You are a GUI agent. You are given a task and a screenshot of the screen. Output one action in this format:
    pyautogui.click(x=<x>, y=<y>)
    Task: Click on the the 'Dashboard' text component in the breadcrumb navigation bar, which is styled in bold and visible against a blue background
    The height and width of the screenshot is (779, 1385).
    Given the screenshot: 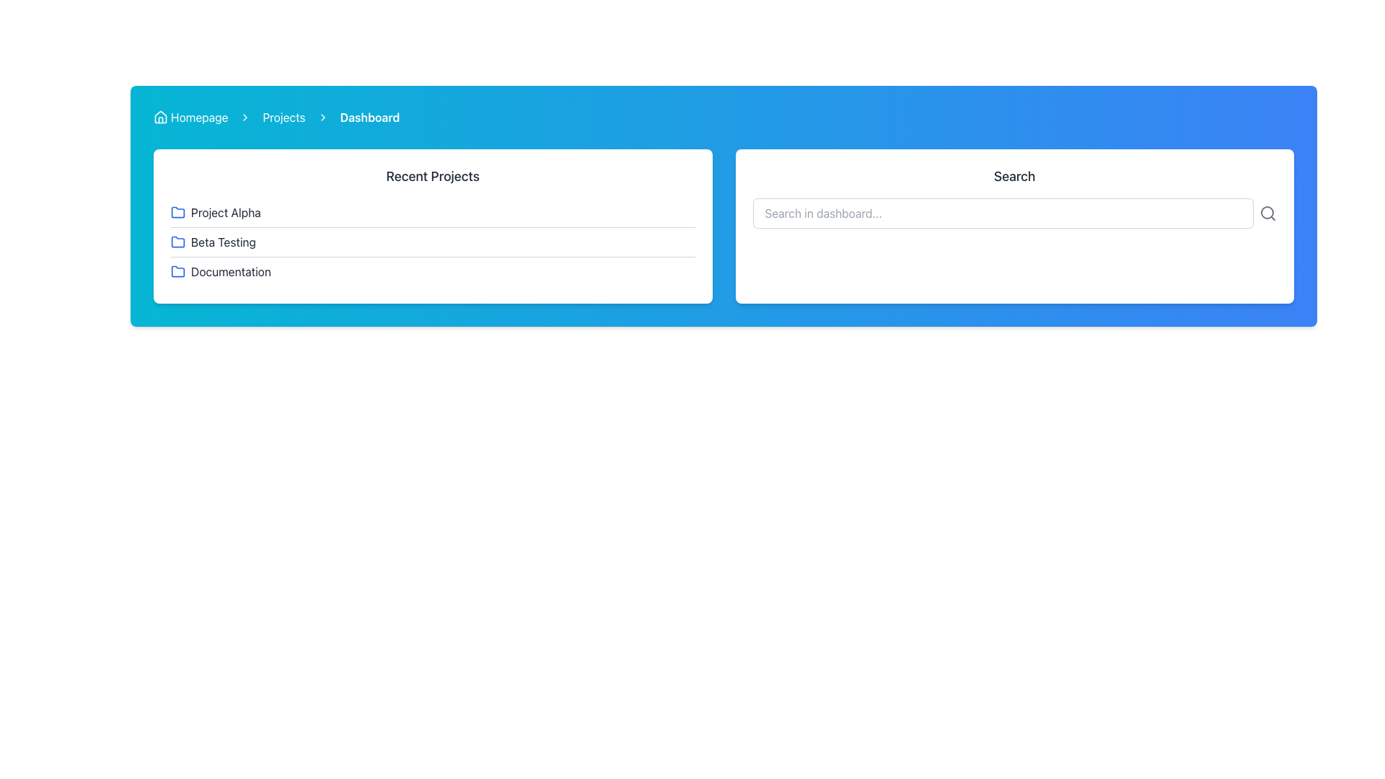 What is the action you would take?
    pyautogui.click(x=370, y=116)
    